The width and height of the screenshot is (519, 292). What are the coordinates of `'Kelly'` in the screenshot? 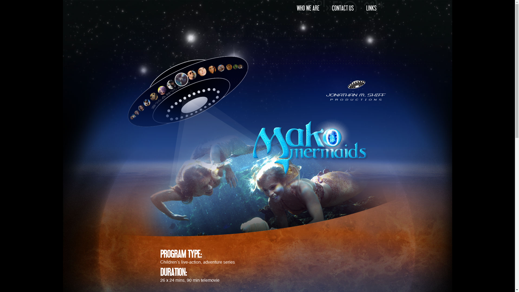 It's located at (145, 103).